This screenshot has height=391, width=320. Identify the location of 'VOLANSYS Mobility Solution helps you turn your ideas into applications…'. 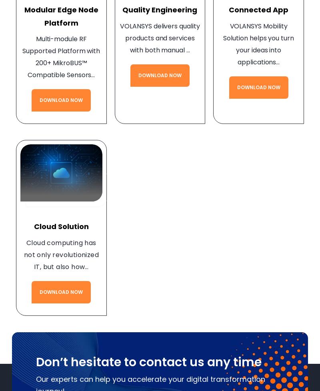
(258, 44).